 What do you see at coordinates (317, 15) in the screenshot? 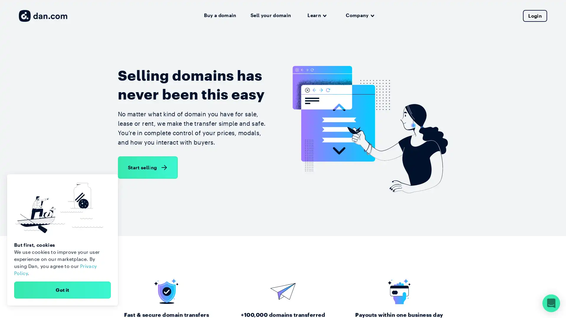
I see `Learn` at bounding box center [317, 15].